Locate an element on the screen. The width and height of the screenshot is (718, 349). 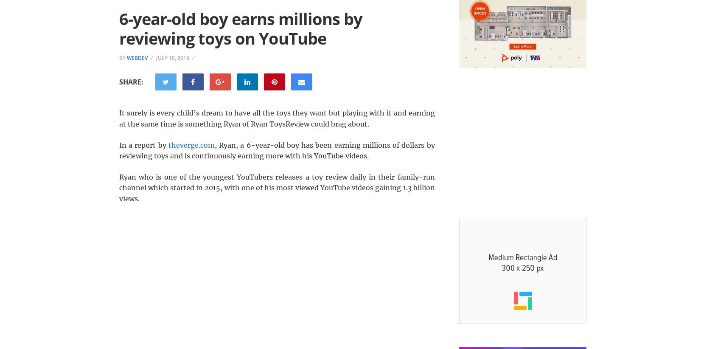
'Ryan who is one of the youngest YouTubers releases a toy review daily in their family-run channel which started in 2015, with one of his most viewed YouTube videos gaining 1.3 billion views.' is located at coordinates (277, 187).